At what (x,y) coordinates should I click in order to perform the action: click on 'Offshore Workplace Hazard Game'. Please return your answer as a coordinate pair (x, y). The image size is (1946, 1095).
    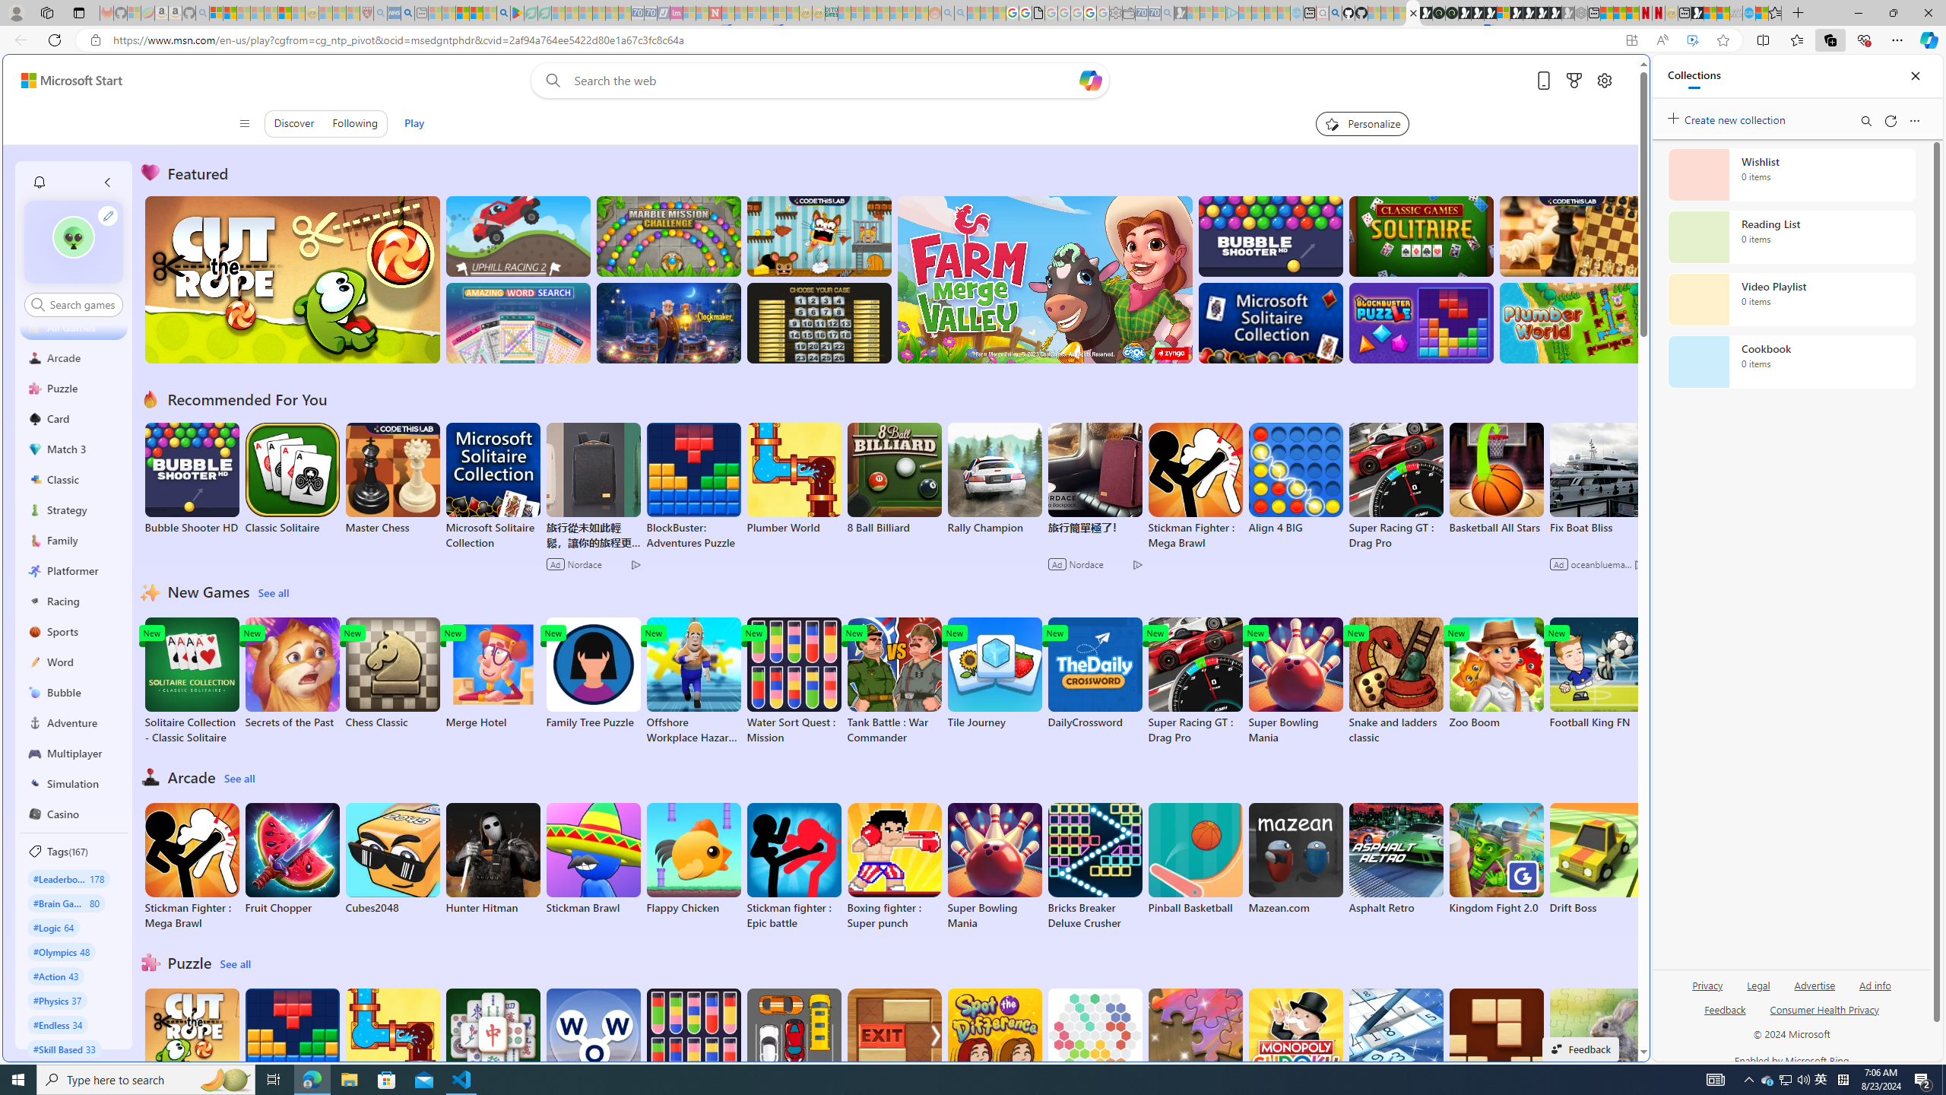
    Looking at the image, I should click on (693, 681).